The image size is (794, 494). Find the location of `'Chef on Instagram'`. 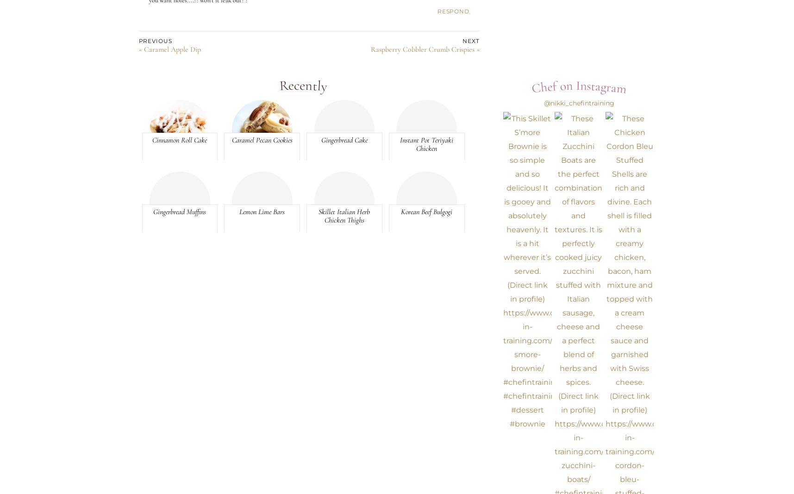

'Chef on Instagram' is located at coordinates (578, 86).